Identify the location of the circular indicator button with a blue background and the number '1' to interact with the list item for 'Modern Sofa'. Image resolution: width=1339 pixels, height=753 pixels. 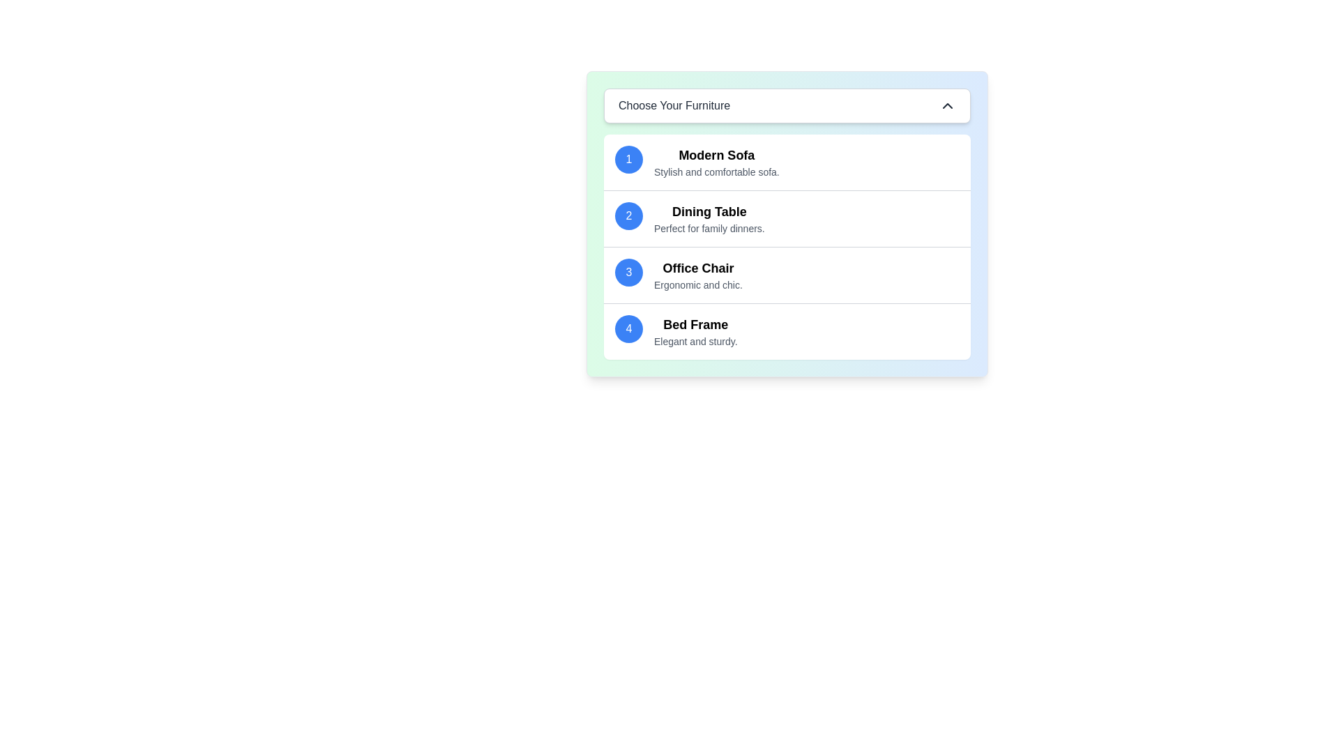
(628, 158).